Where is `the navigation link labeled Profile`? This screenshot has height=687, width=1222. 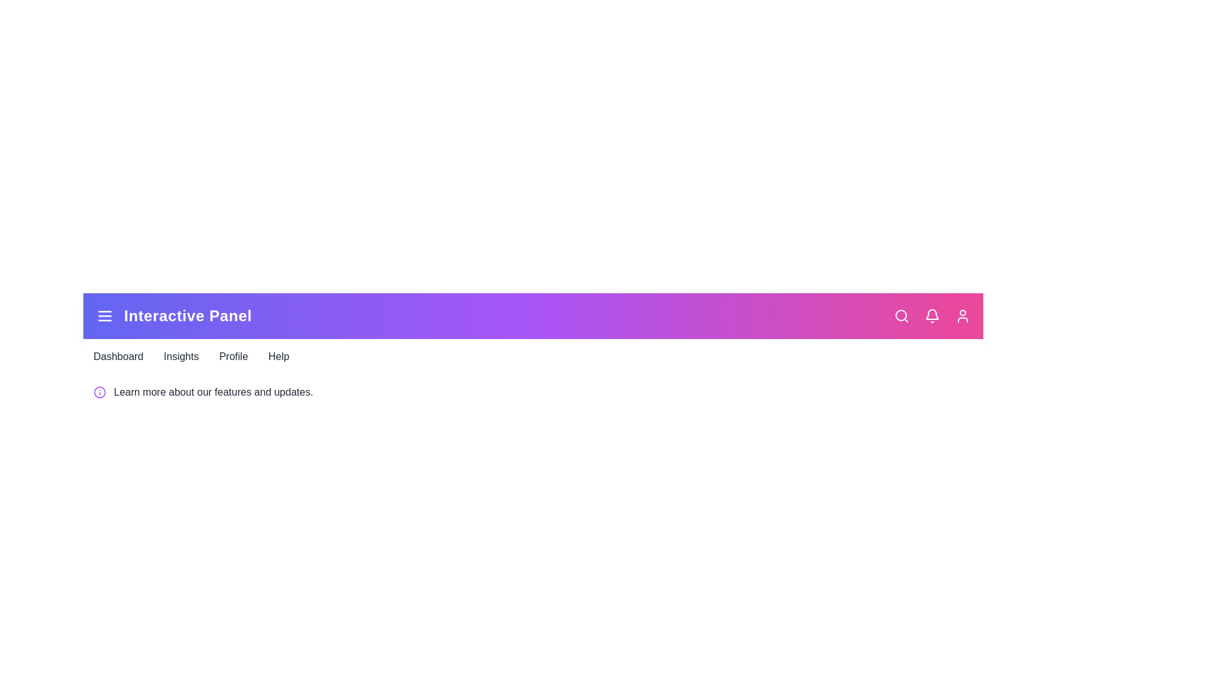 the navigation link labeled Profile is located at coordinates (233, 356).